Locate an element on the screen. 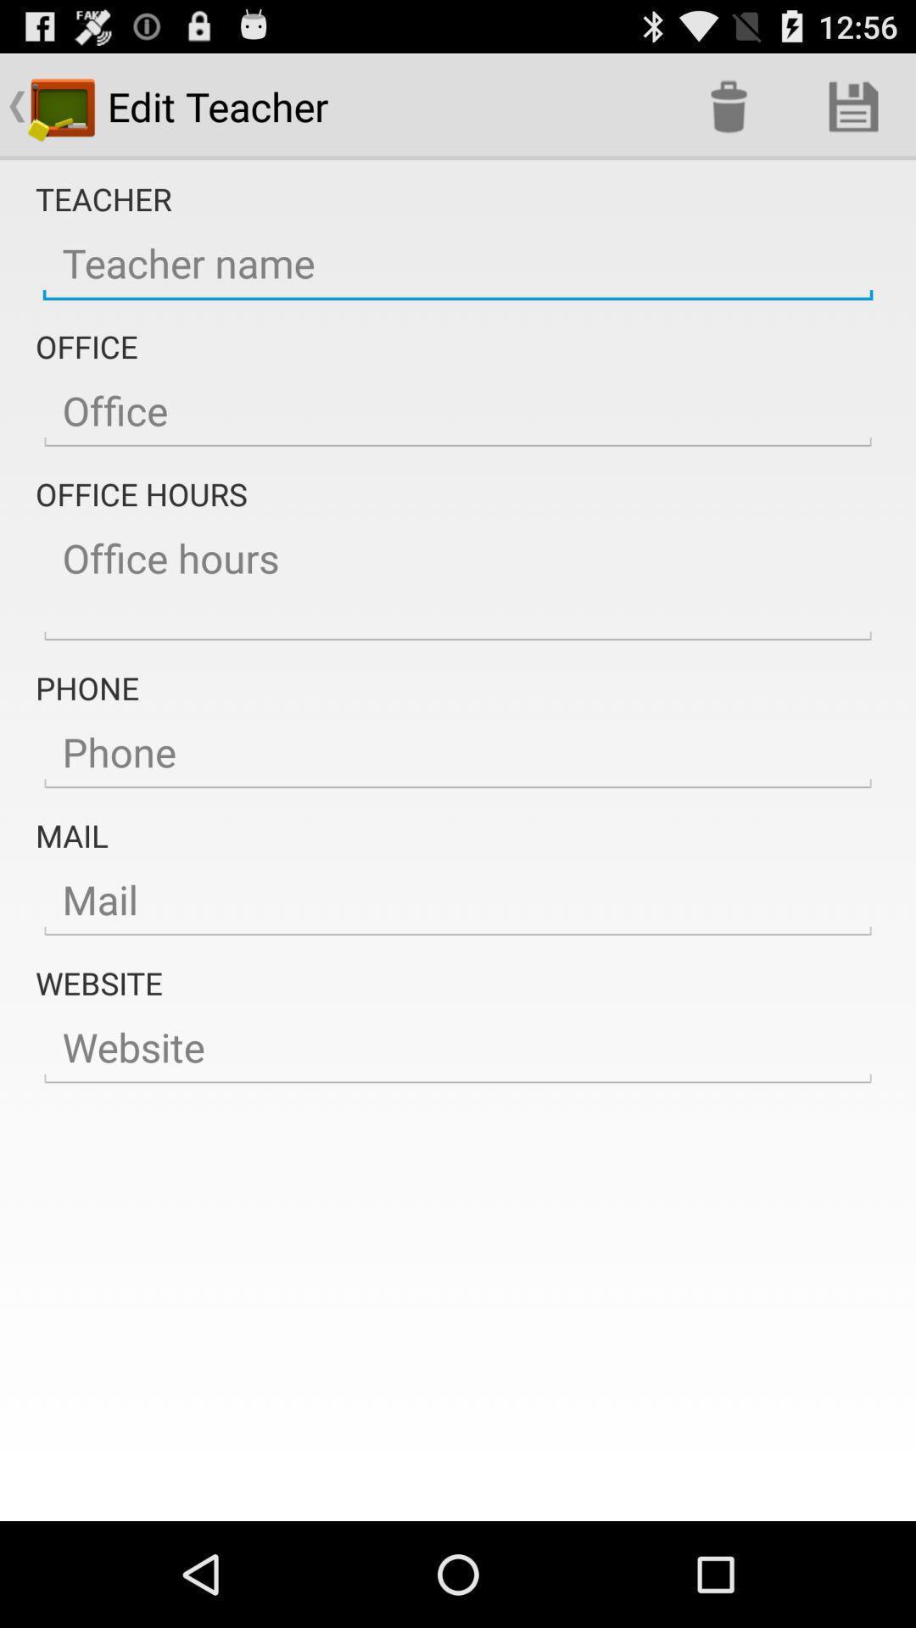 The height and width of the screenshot is (1628, 916). the icon which is to the left side of edit teacher option is located at coordinates (61, 105).